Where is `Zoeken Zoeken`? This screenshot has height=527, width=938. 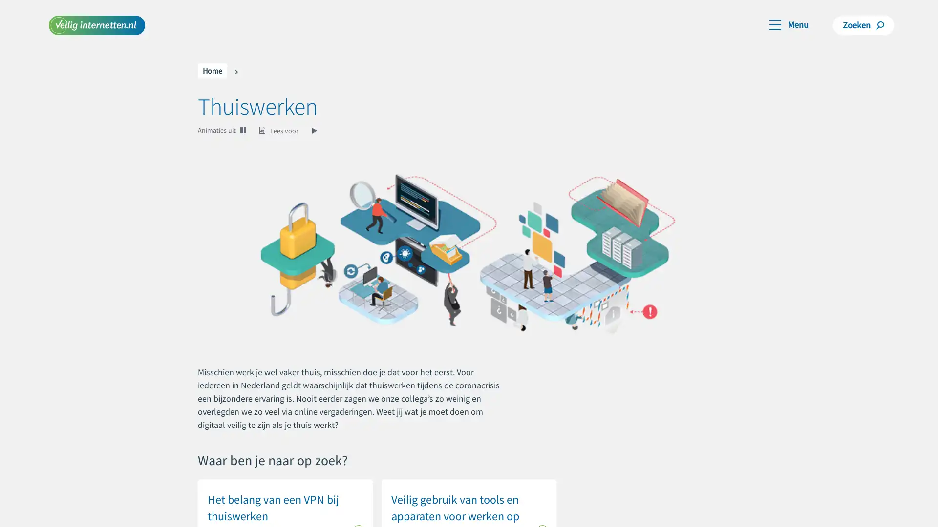
Zoeken Zoeken is located at coordinates (863, 24).